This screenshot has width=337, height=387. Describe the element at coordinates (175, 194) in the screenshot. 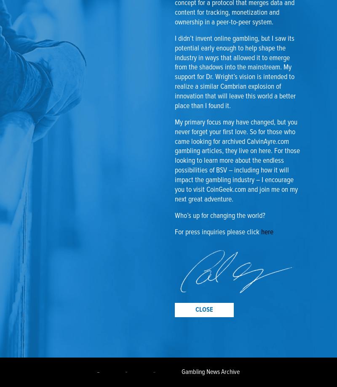

I see `'and join me on my next great adventure.'` at that location.